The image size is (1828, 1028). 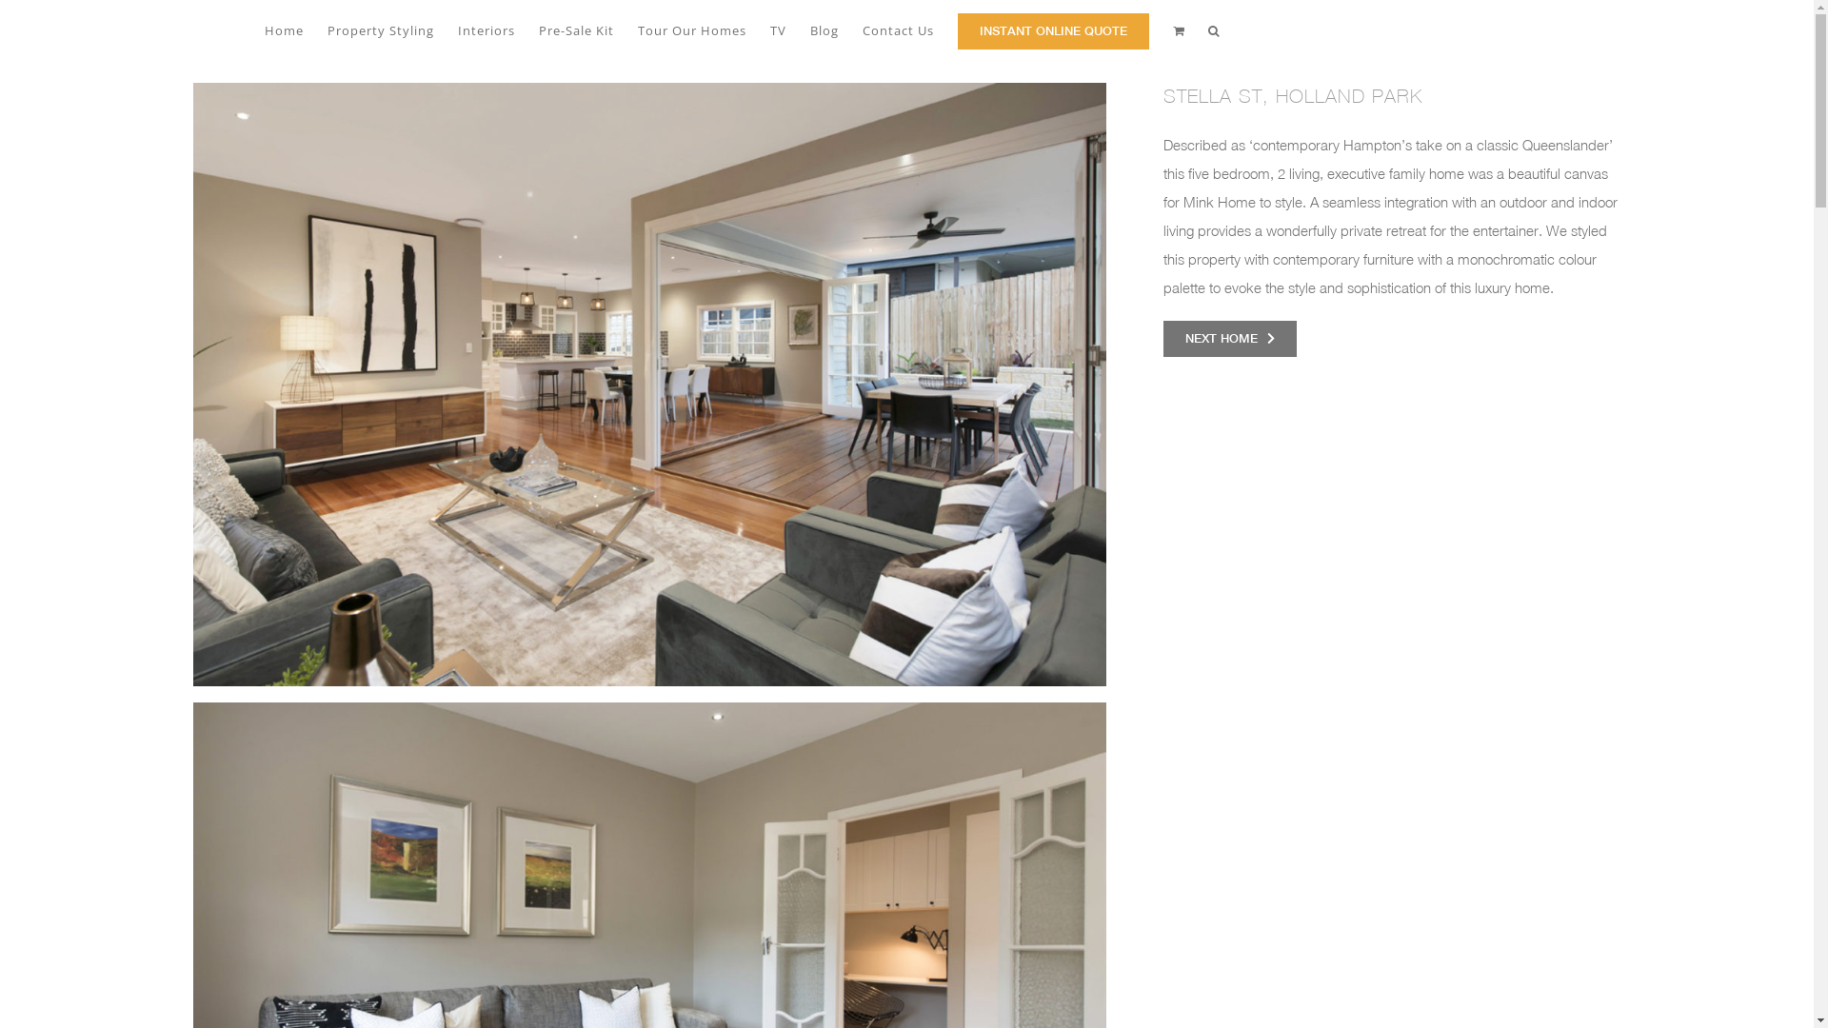 What do you see at coordinates (690, 29) in the screenshot?
I see `'Tour Our Homes'` at bounding box center [690, 29].